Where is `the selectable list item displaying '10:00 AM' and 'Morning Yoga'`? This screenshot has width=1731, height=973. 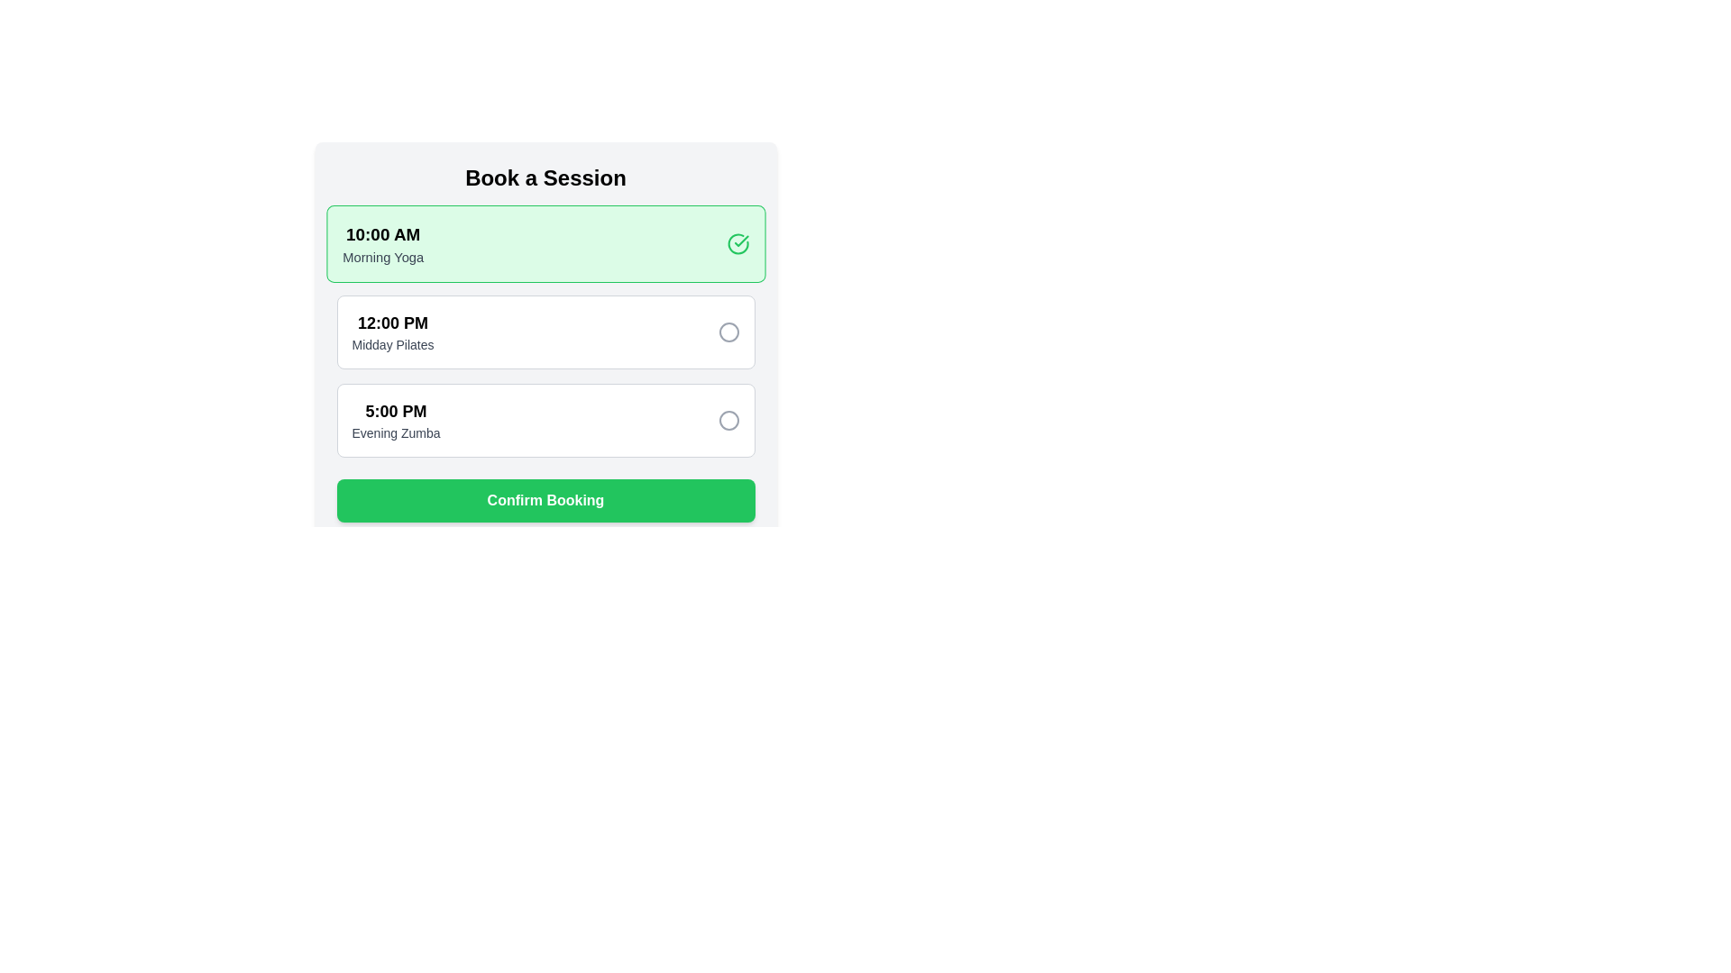 the selectable list item displaying '10:00 AM' and 'Morning Yoga' is located at coordinates (545, 243).